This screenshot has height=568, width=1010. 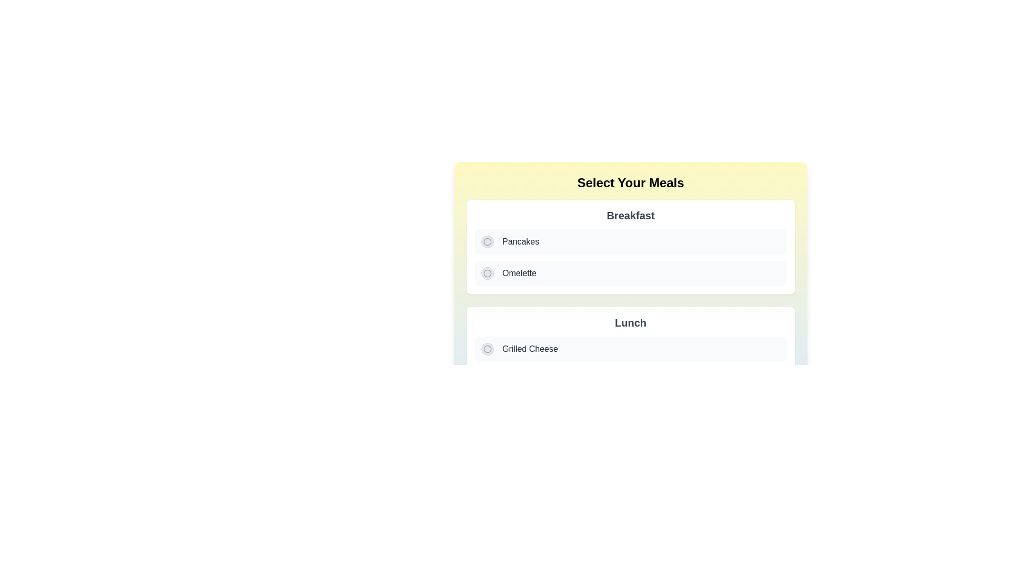 What do you see at coordinates (487, 273) in the screenshot?
I see `the stylized circular icon outlined in gray, which is located inside a clickable circle to the left of the 'Omelette' text under the 'Breakfast' section` at bounding box center [487, 273].